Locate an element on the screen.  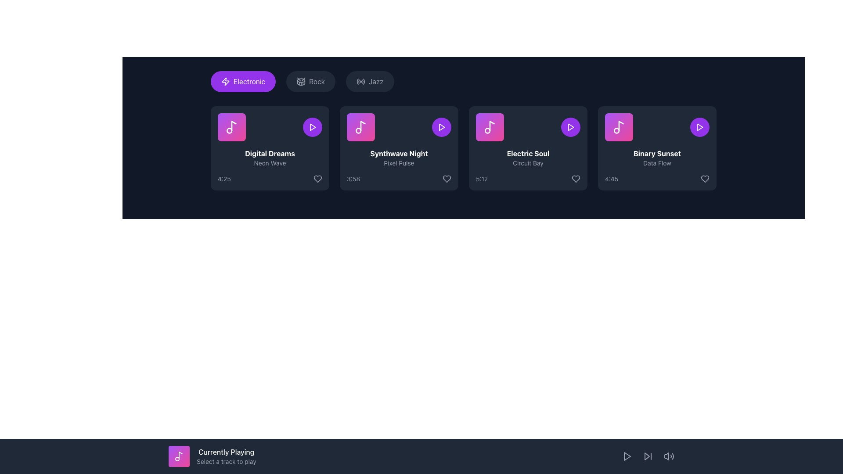
lightning bolt icon with a sharp outline and purple background, located on the left side of the 'Electronic' button is located at coordinates (225, 81).